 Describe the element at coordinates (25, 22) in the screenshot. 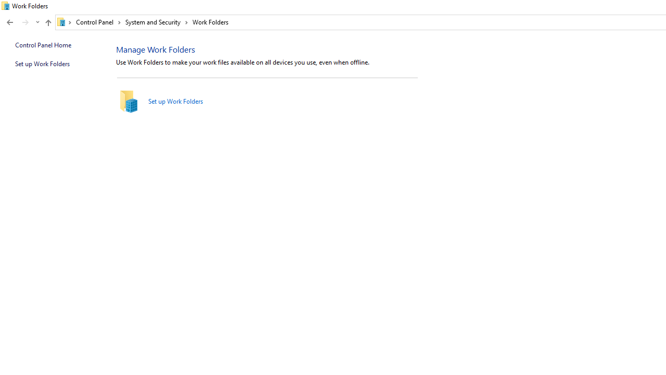

I see `'Forward (Alt + Right Arrow)'` at that location.